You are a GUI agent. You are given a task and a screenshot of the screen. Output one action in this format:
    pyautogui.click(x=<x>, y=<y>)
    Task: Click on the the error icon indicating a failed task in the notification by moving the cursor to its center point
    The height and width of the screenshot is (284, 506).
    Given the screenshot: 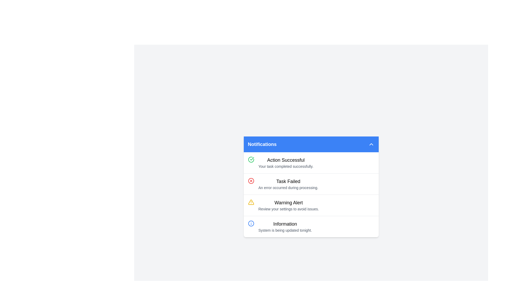 What is the action you would take?
    pyautogui.click(x=251, y=180)
    